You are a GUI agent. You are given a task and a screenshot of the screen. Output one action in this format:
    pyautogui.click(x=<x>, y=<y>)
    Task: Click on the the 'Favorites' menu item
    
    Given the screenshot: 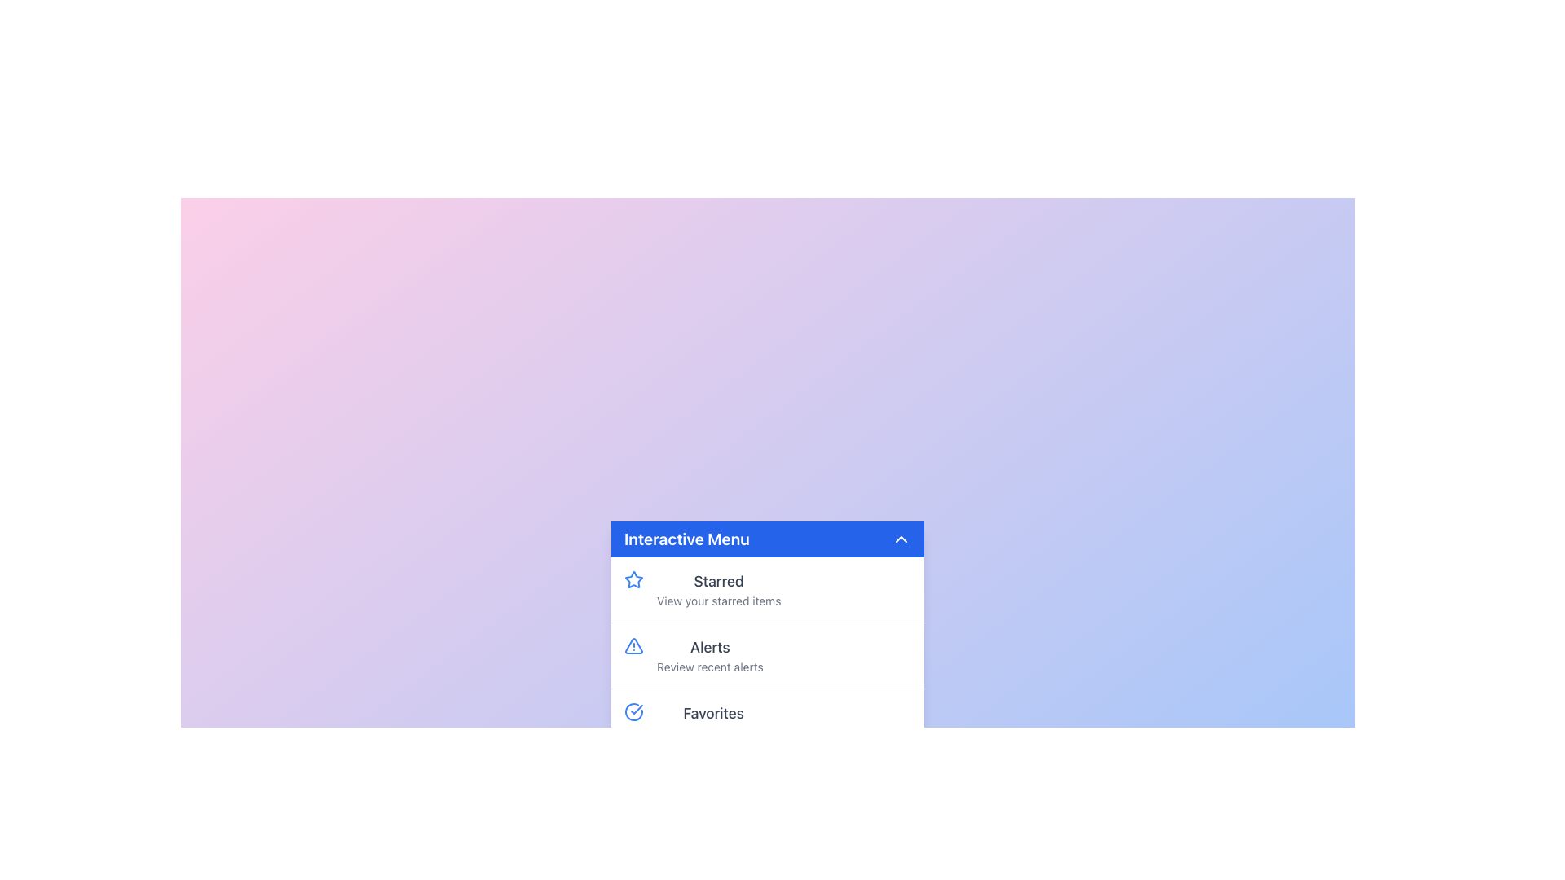 What is the action you would take?
    pyautogui.click(x=712, y=721)
    